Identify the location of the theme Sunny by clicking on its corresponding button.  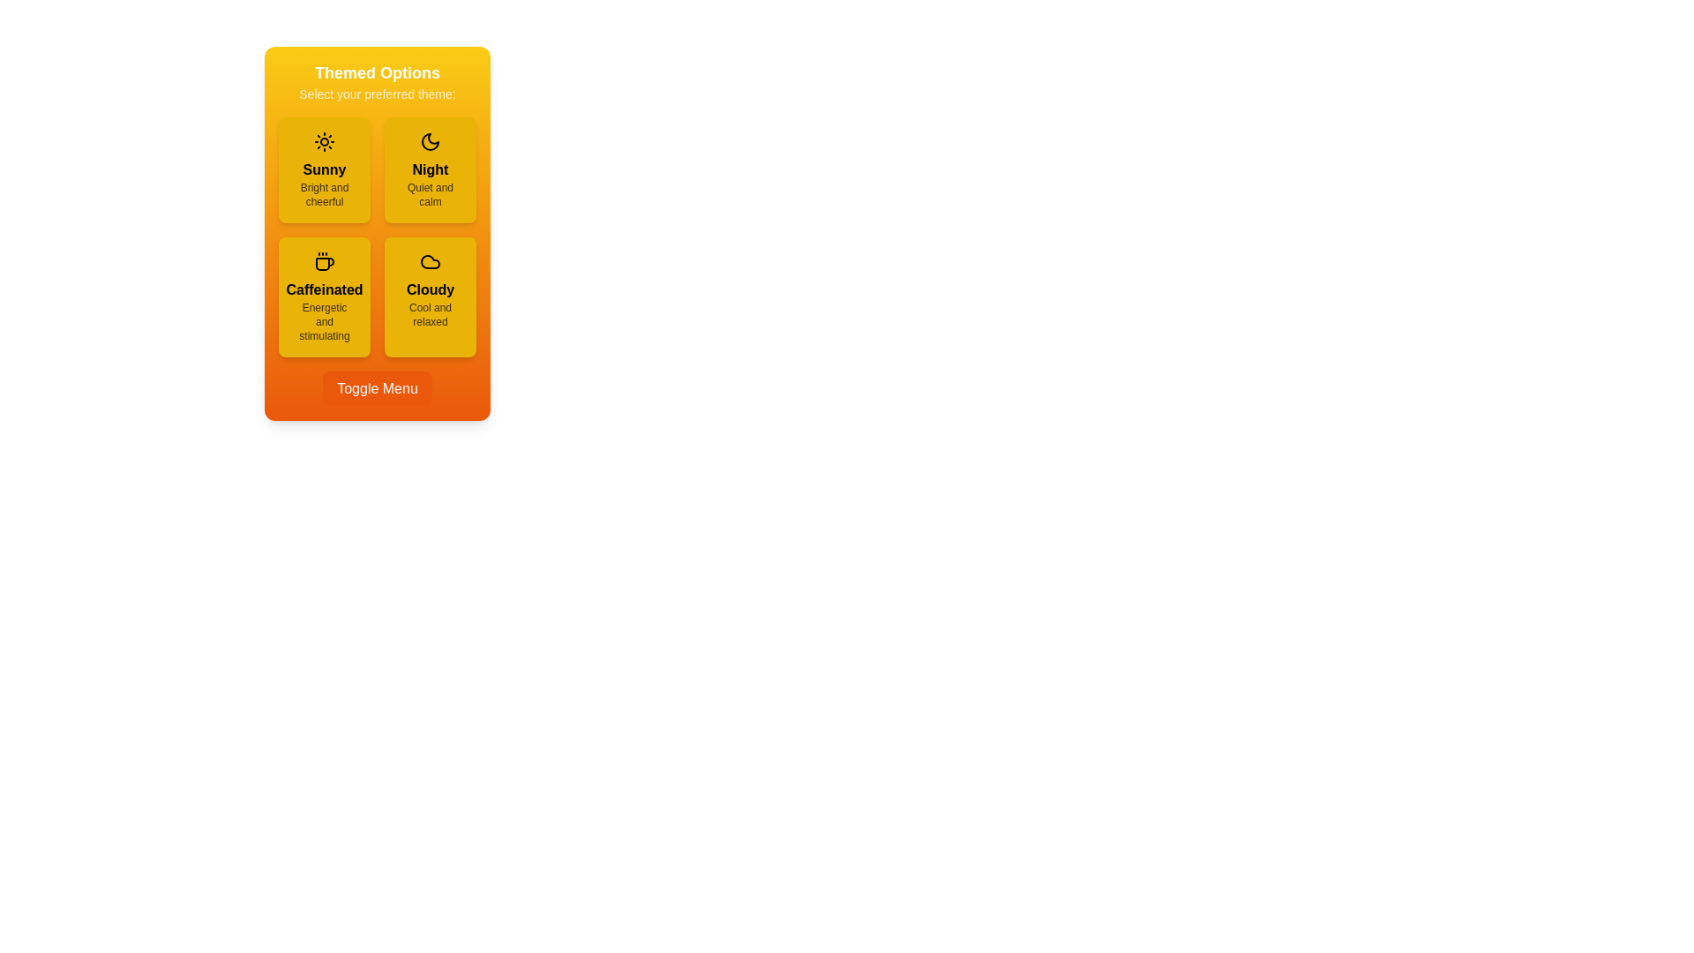
(325, 169).